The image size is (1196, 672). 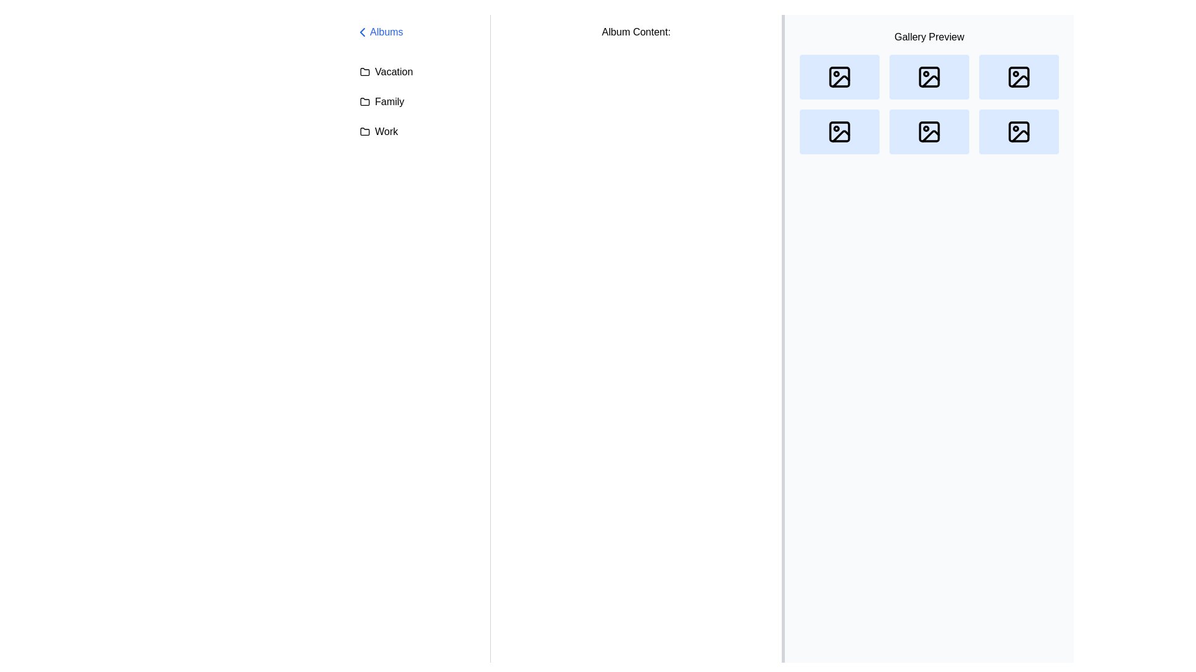 I want to click on to select the folder icon located below the 'Family' folder and above the 'Work' text, so click(x=364, y=132).